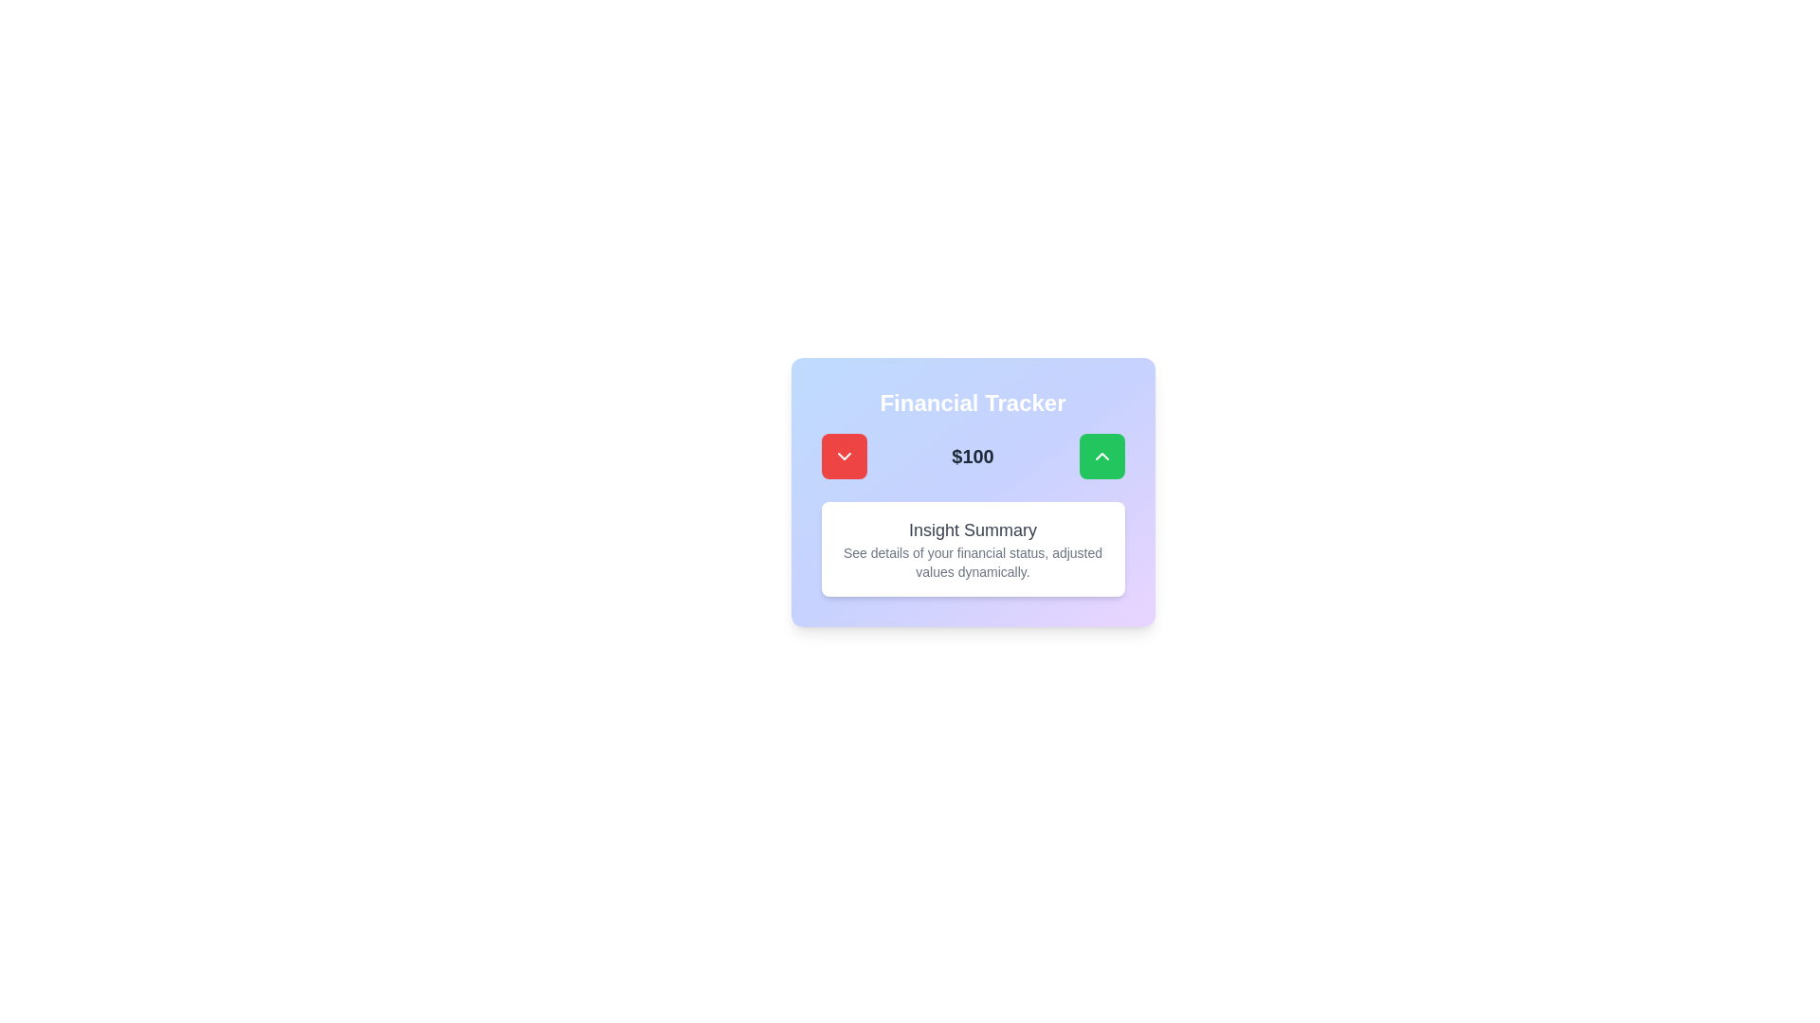 The width and height of the screenshot is (1820, 1023). What do you see at coordinates (973, 548) in the screenshot?
I see `the Information display card located at the bottom of the Financial Tracker card, which provides insights about the user's financial status` at bounding box center [973, 548].